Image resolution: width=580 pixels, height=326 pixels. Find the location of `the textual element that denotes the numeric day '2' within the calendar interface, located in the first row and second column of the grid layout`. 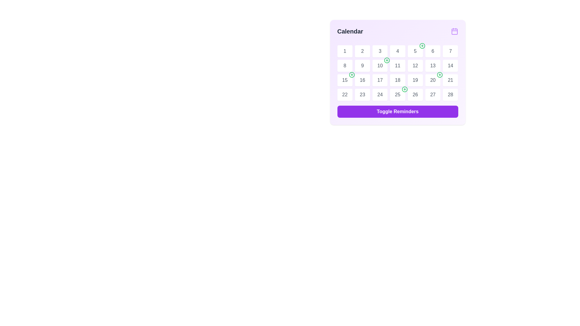

the textual element that denotes the numeric day '2' within the calendar interface, located in the first row and second column of the grid layout is located at coordinates (362, 51).